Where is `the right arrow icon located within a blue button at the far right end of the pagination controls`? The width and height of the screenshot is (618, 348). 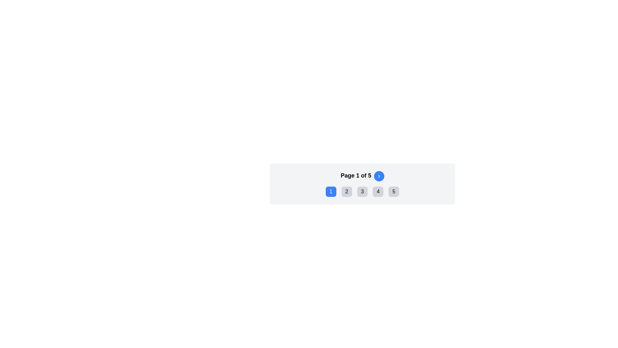 the right arrow icon located within a blue button at the far right end of the pagination controls is located at coordinates (379, 176).